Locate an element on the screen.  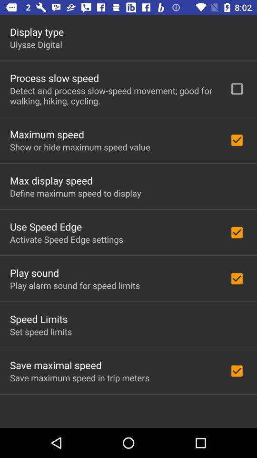
item below maximum speed icon is located at coordinates (79, 147).